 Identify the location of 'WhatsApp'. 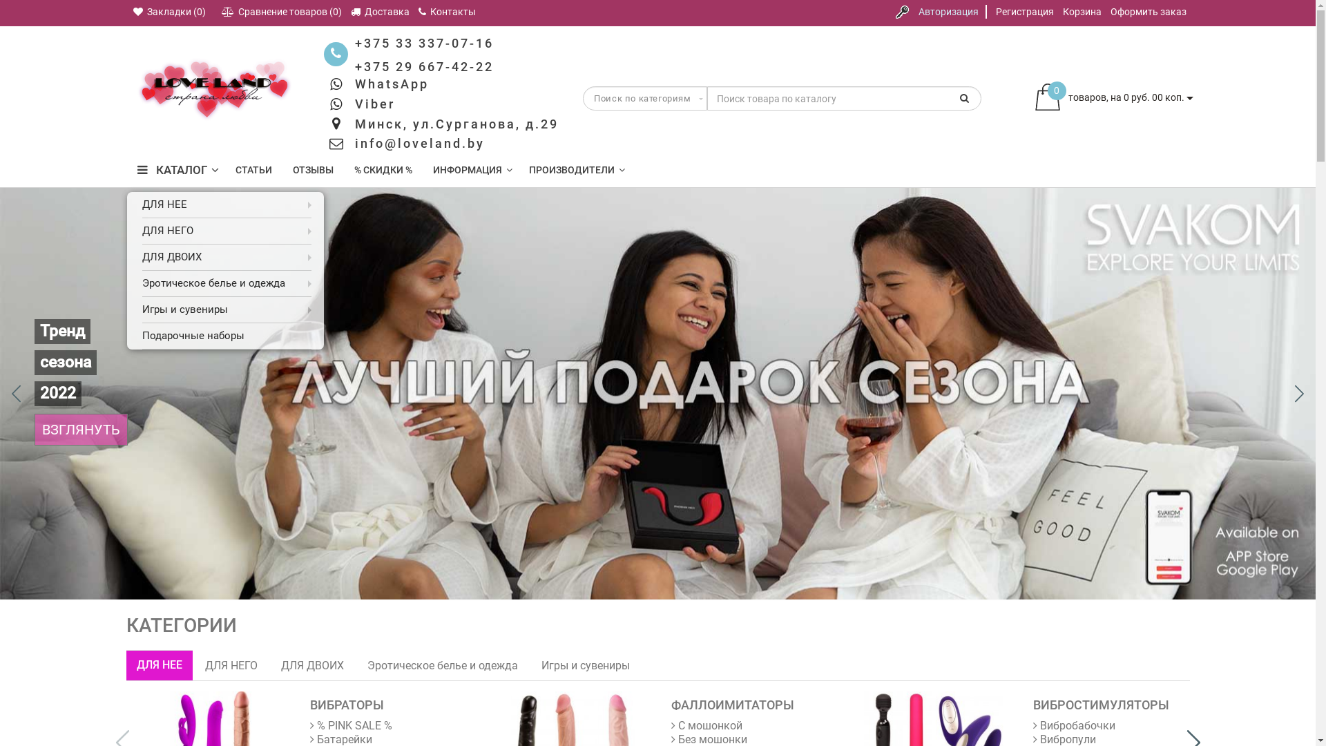
(391, 84).